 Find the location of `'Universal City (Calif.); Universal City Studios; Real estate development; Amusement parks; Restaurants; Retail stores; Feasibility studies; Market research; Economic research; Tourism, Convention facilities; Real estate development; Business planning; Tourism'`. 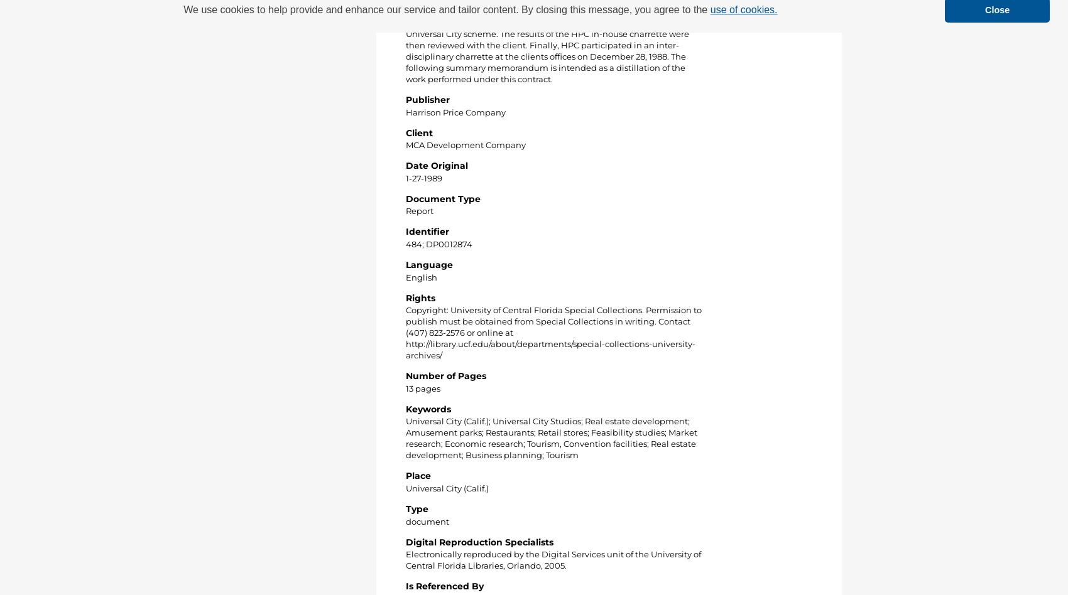

'Universal City (Calif.); Universal City Studios; Real estate development; Amusement parks; Restaurants; Retail stores; Feasibility studies; Market research; Economic research; Tourism, Convention facilities; Real estate development; Business planning; Tourism' is located at coordinates (552, 437).